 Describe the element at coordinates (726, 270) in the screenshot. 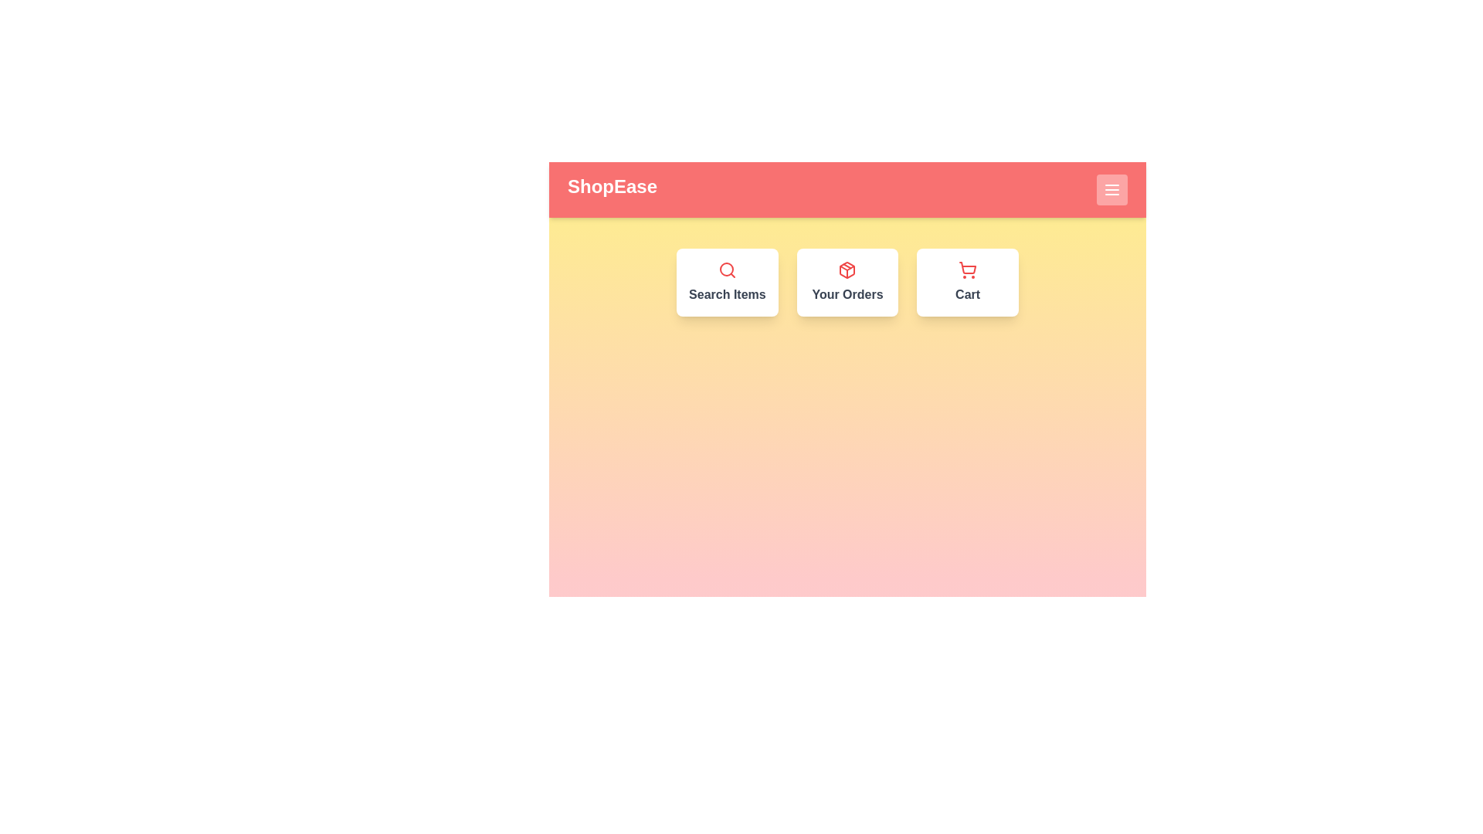

I see `the 'Search Items' icon` at that location.